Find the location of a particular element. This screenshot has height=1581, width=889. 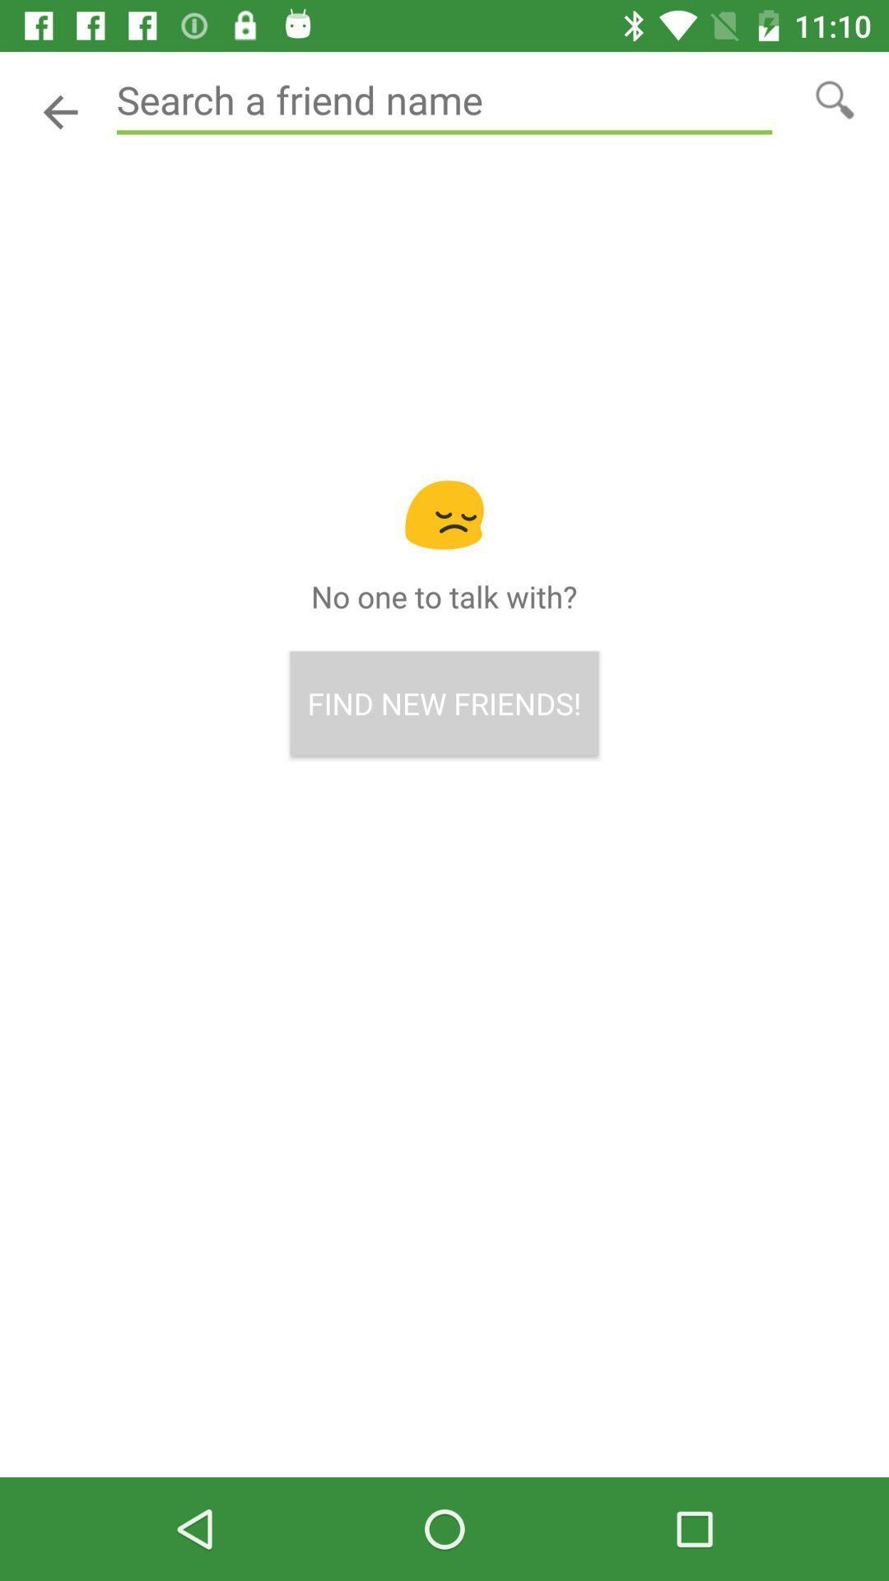

search for a name is located at coordinates (835, 98).